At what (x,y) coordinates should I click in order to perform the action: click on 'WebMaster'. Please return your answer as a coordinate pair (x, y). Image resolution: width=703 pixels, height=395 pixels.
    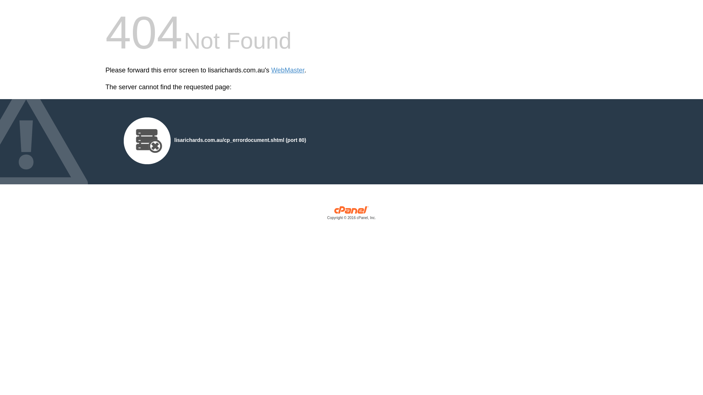
    Looking at the image, I should click on (271, 70).